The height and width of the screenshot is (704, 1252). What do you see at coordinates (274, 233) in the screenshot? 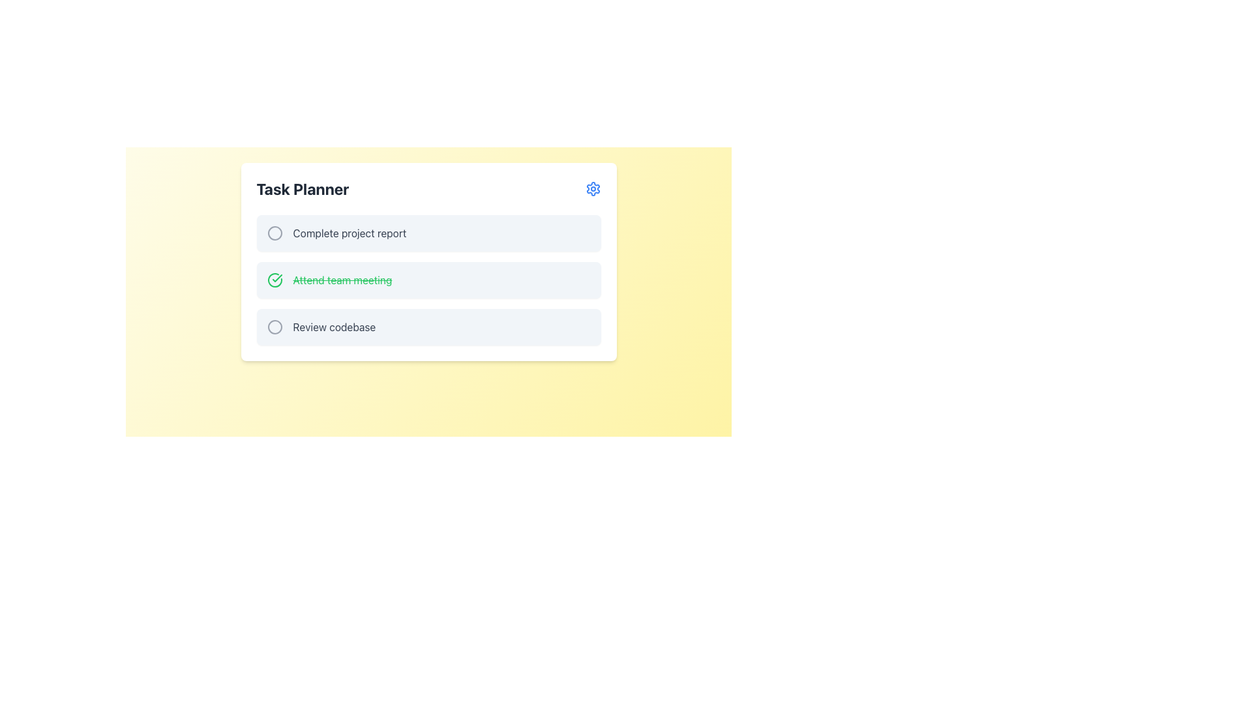
I see `the inactive gray circle element within the SVG icon, which is the central part of the icon located to the left of the 'Complete project report' task text in the task list interface` at bounding box center [274, 233].